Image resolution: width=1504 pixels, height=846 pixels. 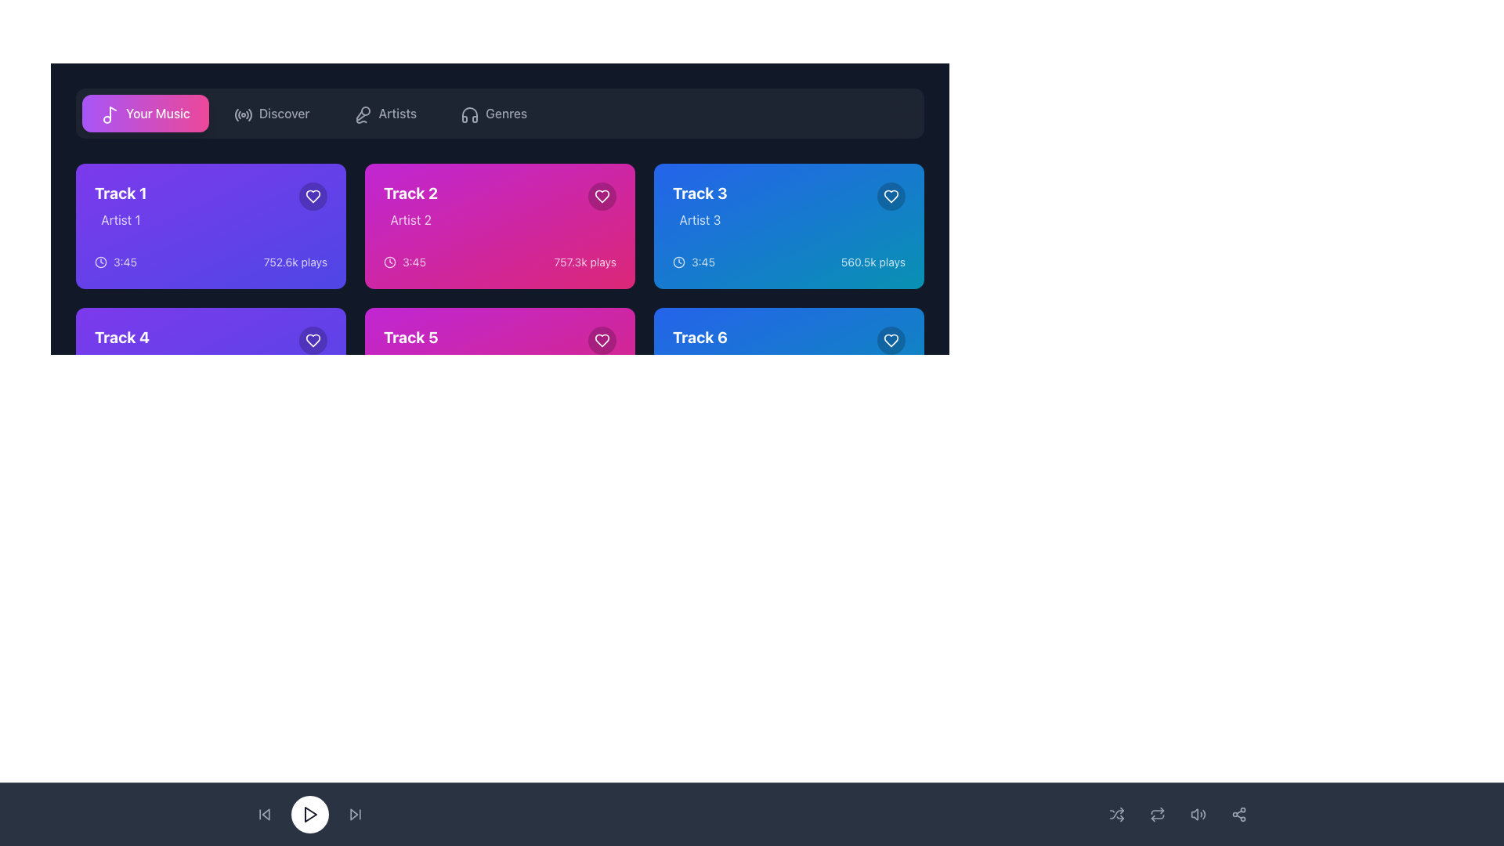 I want to click on the favorite icon button for 'Track 5' located, so click(x=601, y=340).